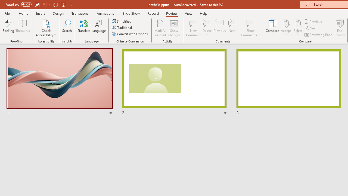 The image size is (348, 196). What do you see at coordinates (171, 13) in the screenshot?
I see `'Review'` at bounding box center [171, 13].